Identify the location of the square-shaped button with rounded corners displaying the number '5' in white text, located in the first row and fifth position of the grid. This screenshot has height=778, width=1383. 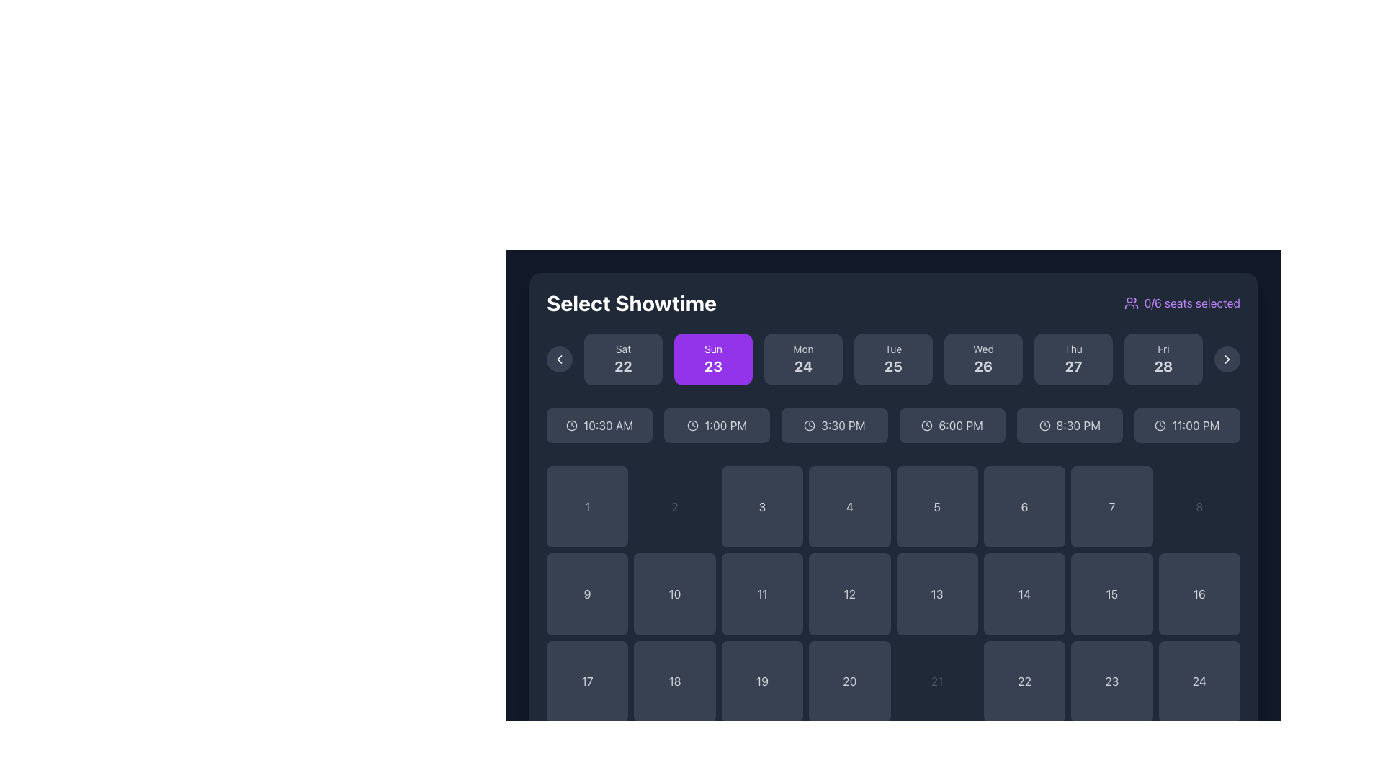
(937, 506).